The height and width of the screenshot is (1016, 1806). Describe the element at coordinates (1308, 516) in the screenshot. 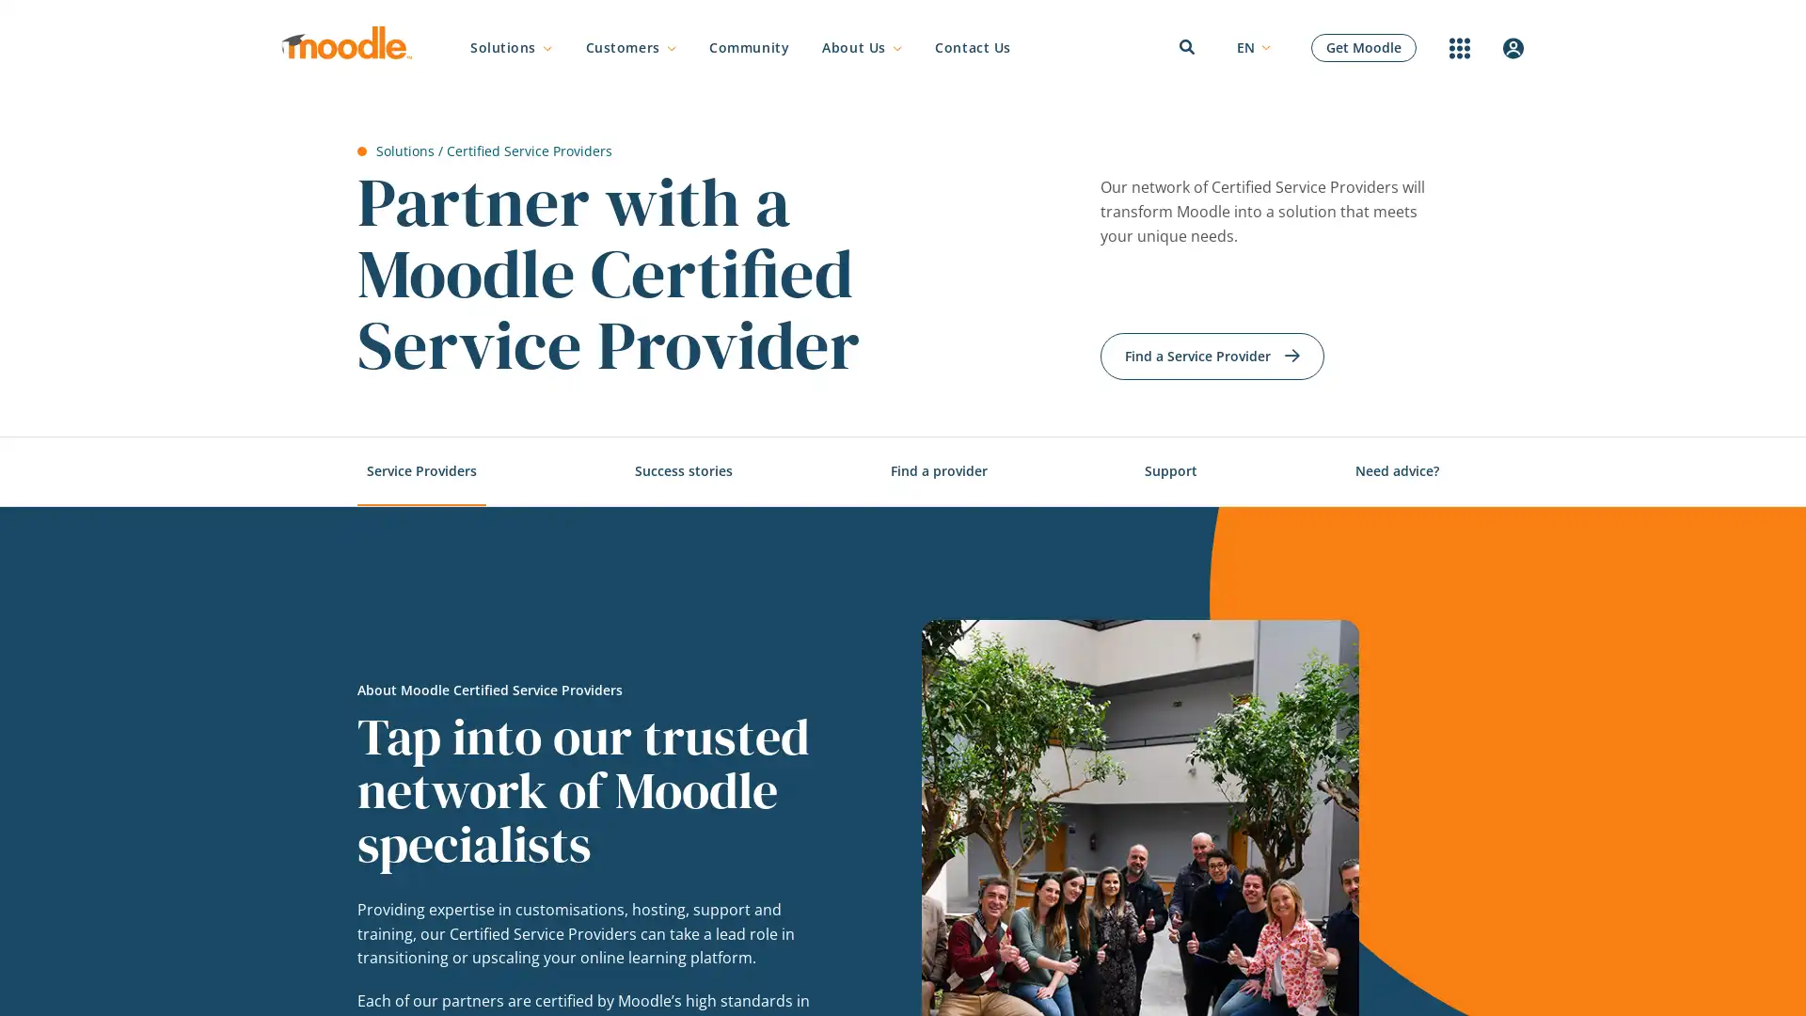

I see `Search button` at that location.